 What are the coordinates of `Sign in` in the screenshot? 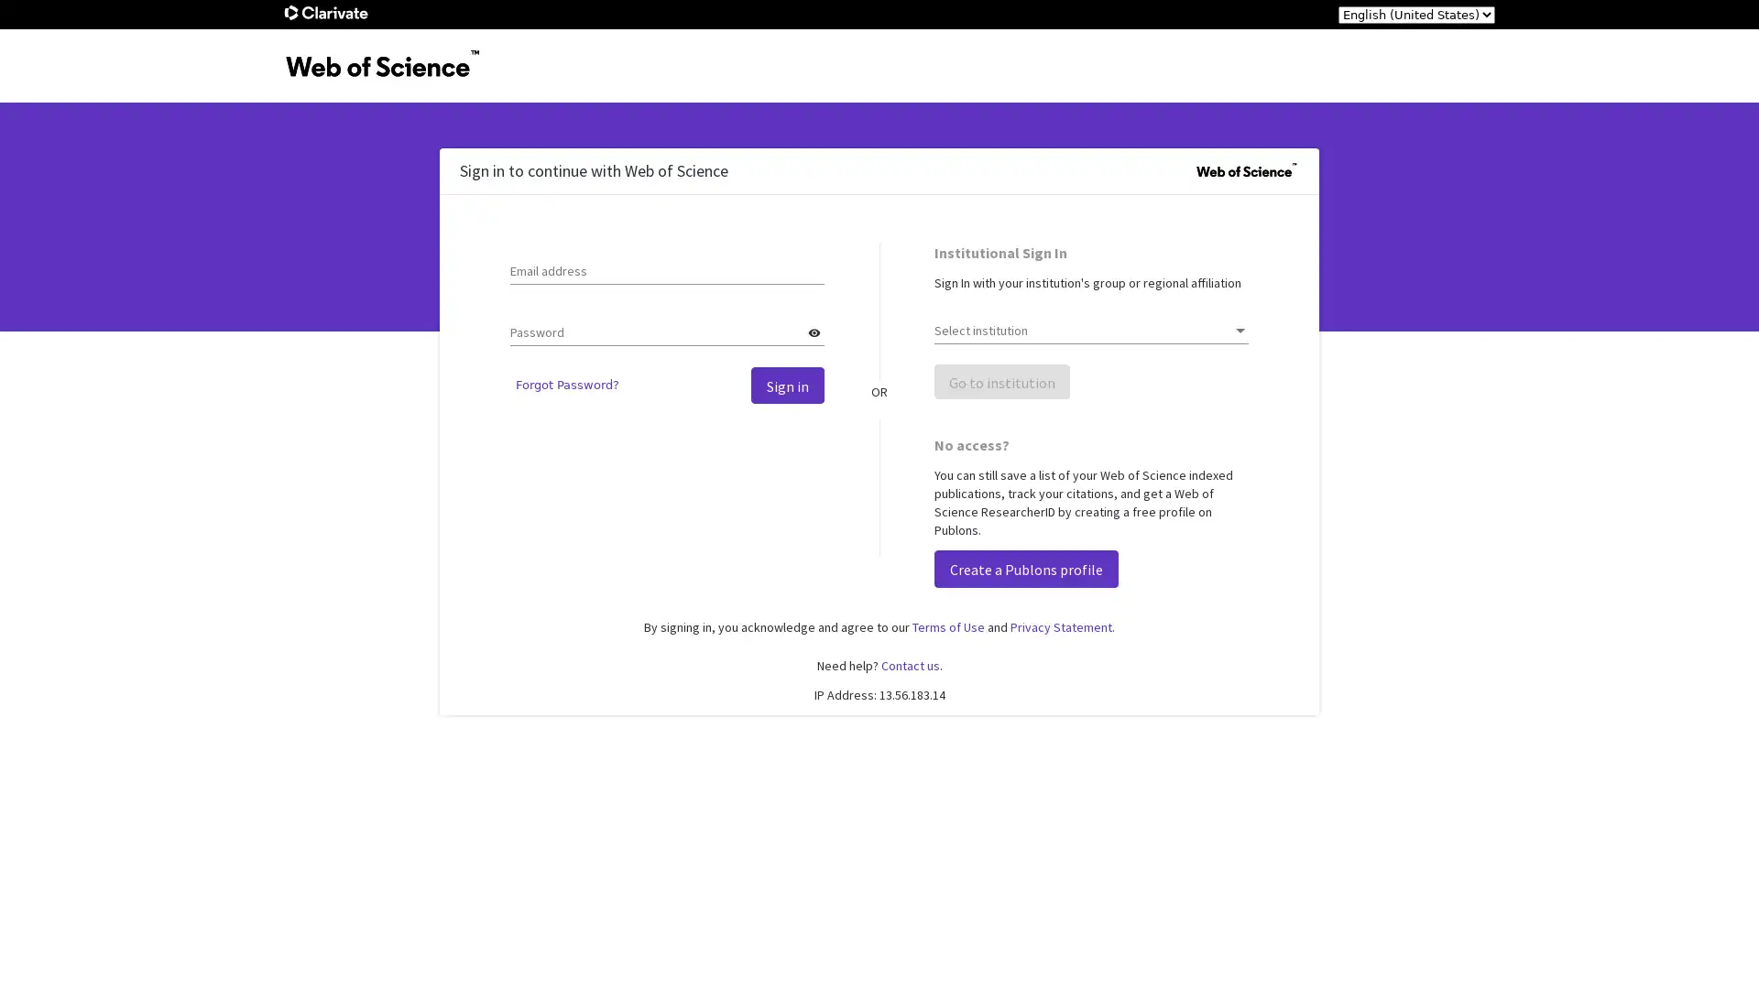 It's located at (787, 384).